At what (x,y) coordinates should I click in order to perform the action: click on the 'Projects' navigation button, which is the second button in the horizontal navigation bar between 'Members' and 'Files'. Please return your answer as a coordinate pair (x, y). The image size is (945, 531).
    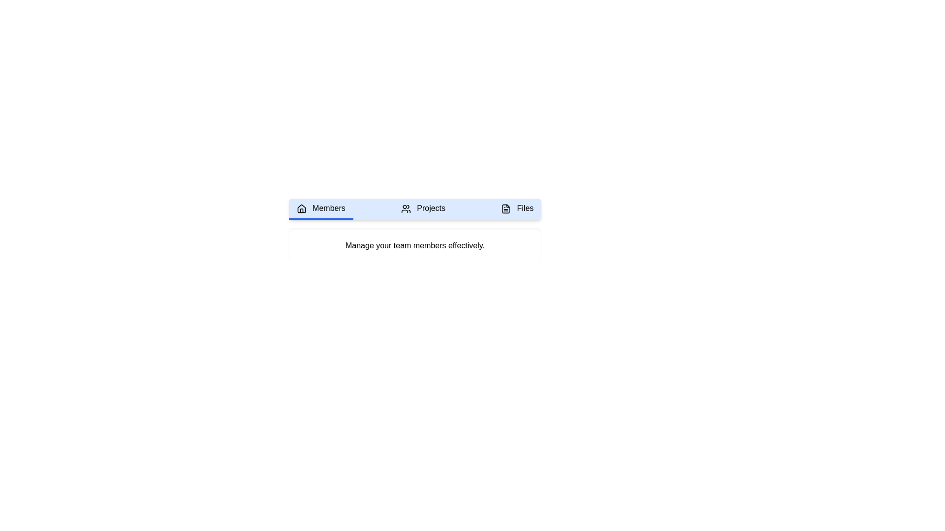
    Looking at the image, I should click on (423, 208).